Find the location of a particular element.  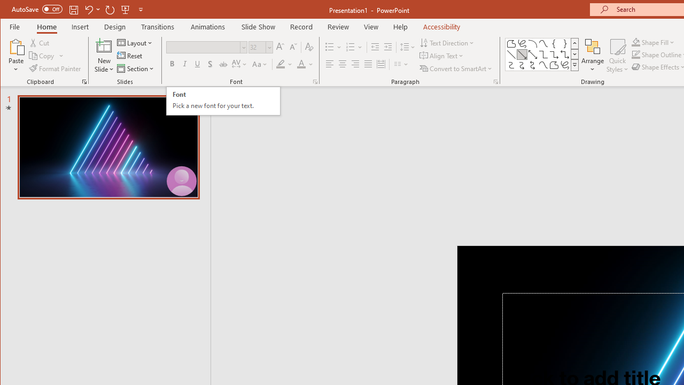

'Line Arrow: Double' is located at coordinates (533, 55).